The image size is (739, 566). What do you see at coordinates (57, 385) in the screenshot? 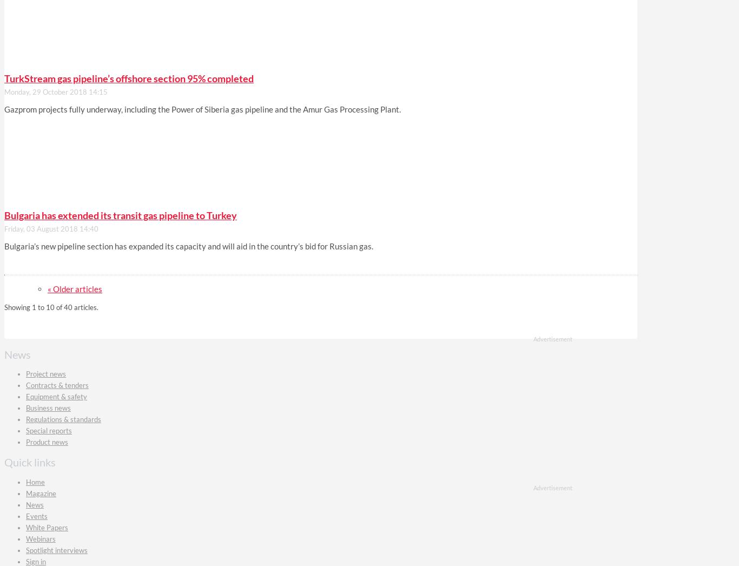
I see `'Contracts & tenders'` at bounding box center [57, 385].